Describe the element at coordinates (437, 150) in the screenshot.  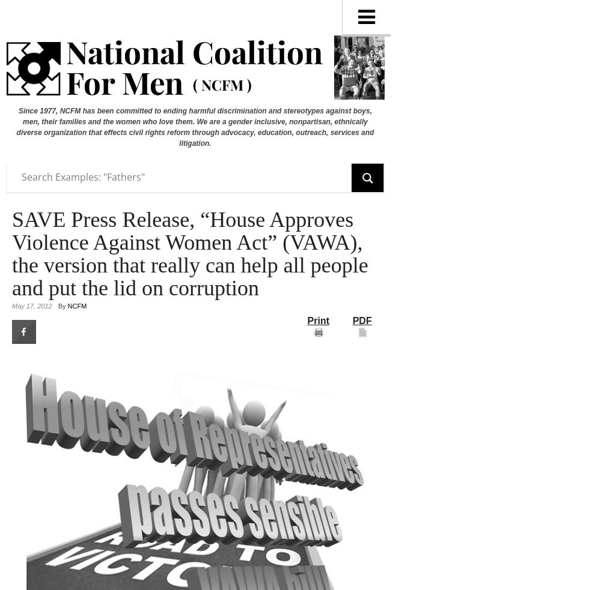
I see `'Board of Directors'` at that location.